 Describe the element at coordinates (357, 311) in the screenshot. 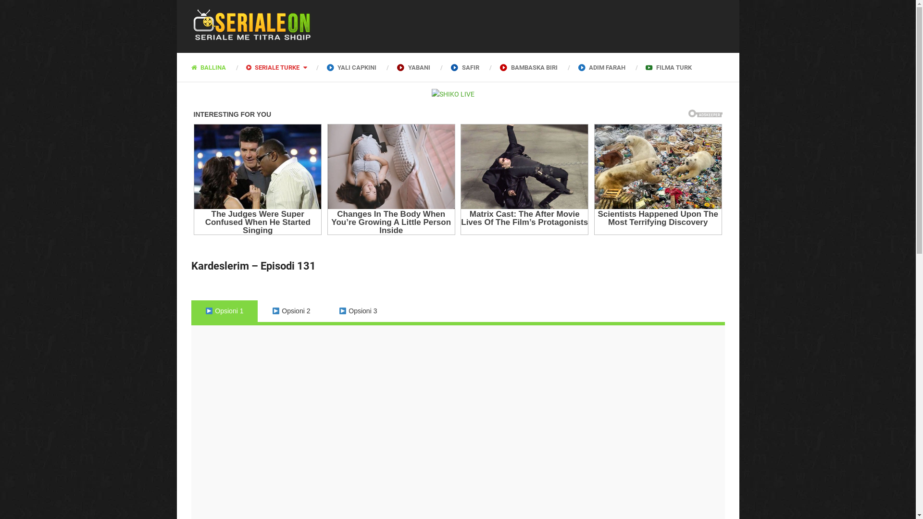

I see `'Opsioni 3'` at that location.